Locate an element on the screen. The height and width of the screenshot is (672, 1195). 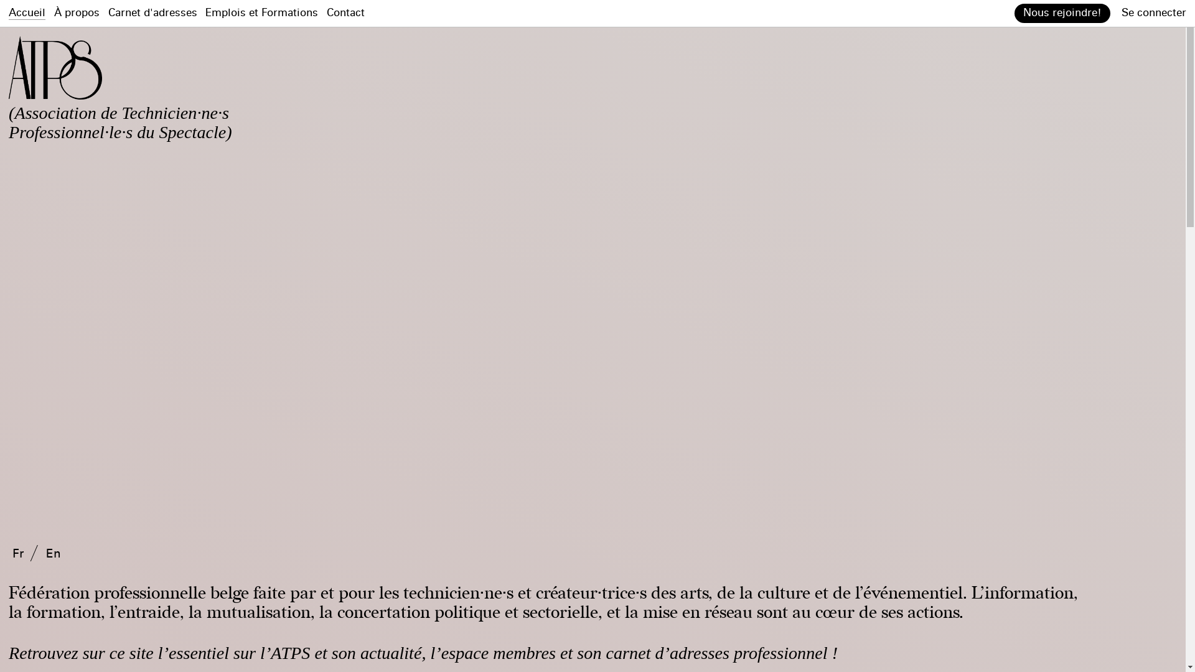
'Se connecter' is located at coordinates (1153, 12).